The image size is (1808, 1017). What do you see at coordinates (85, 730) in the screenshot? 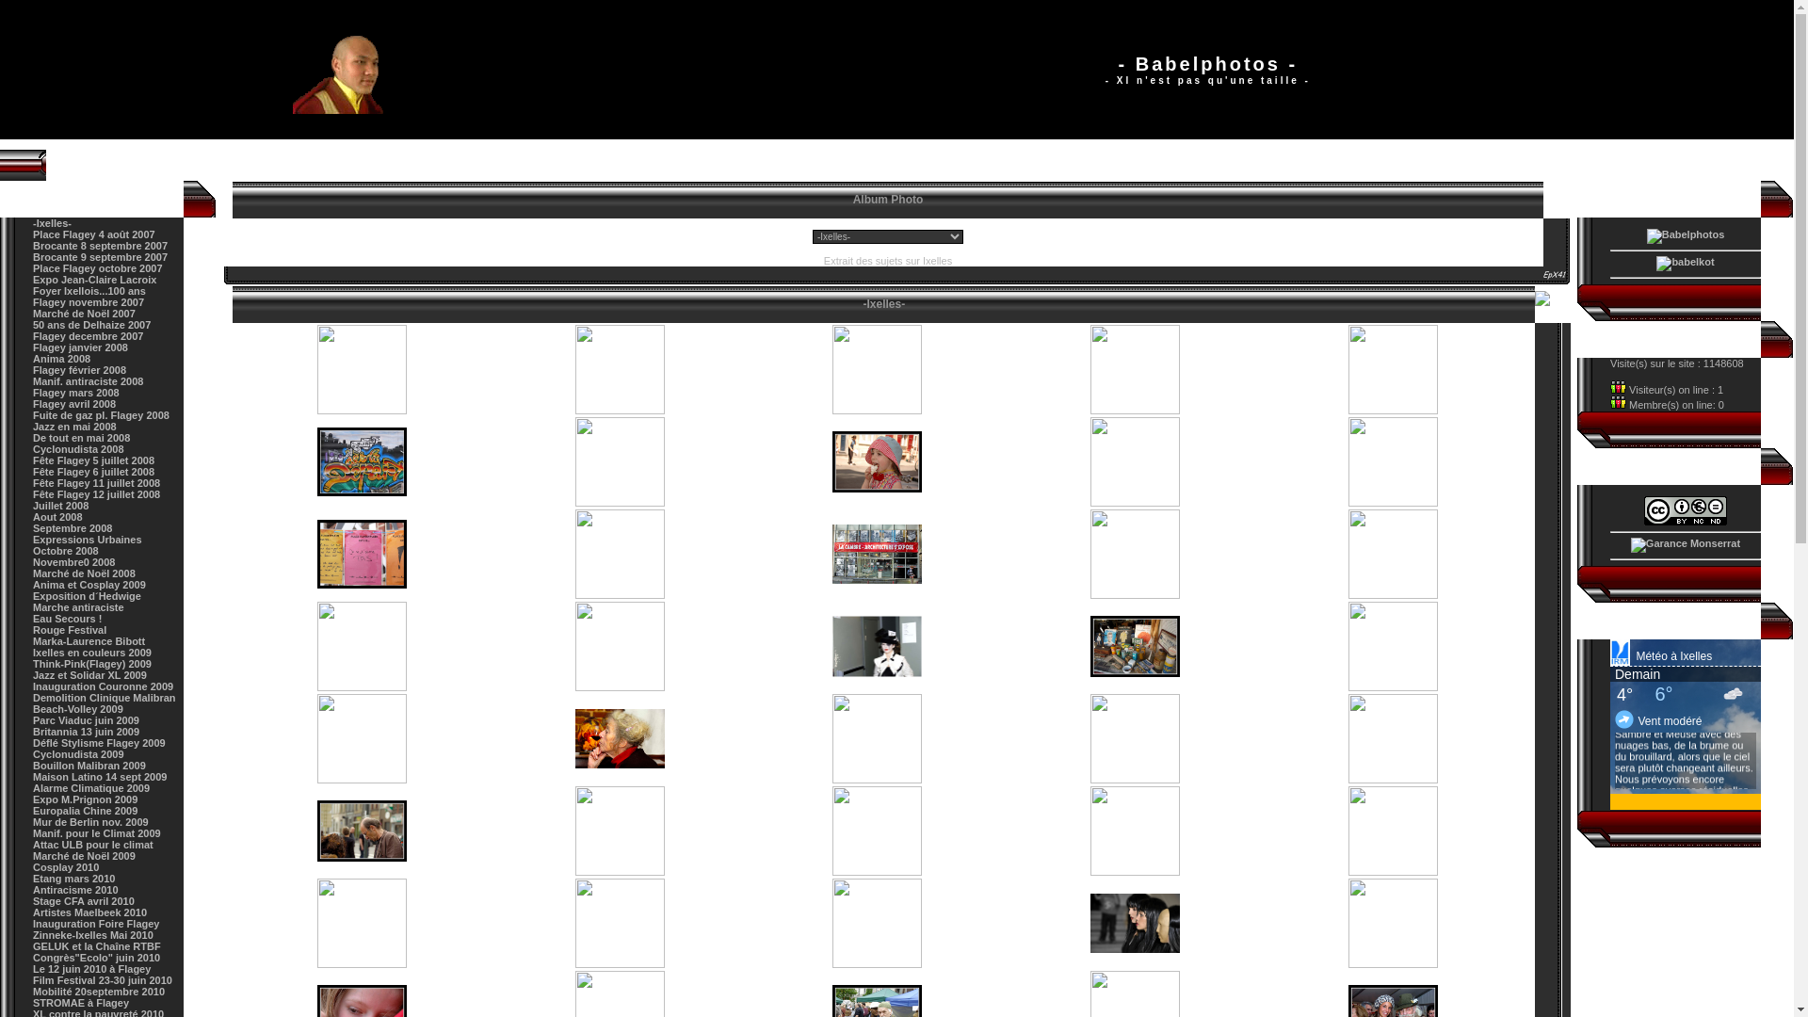
I see `'Britannia 13 juin 2009'` at bounding box center [85, 730].